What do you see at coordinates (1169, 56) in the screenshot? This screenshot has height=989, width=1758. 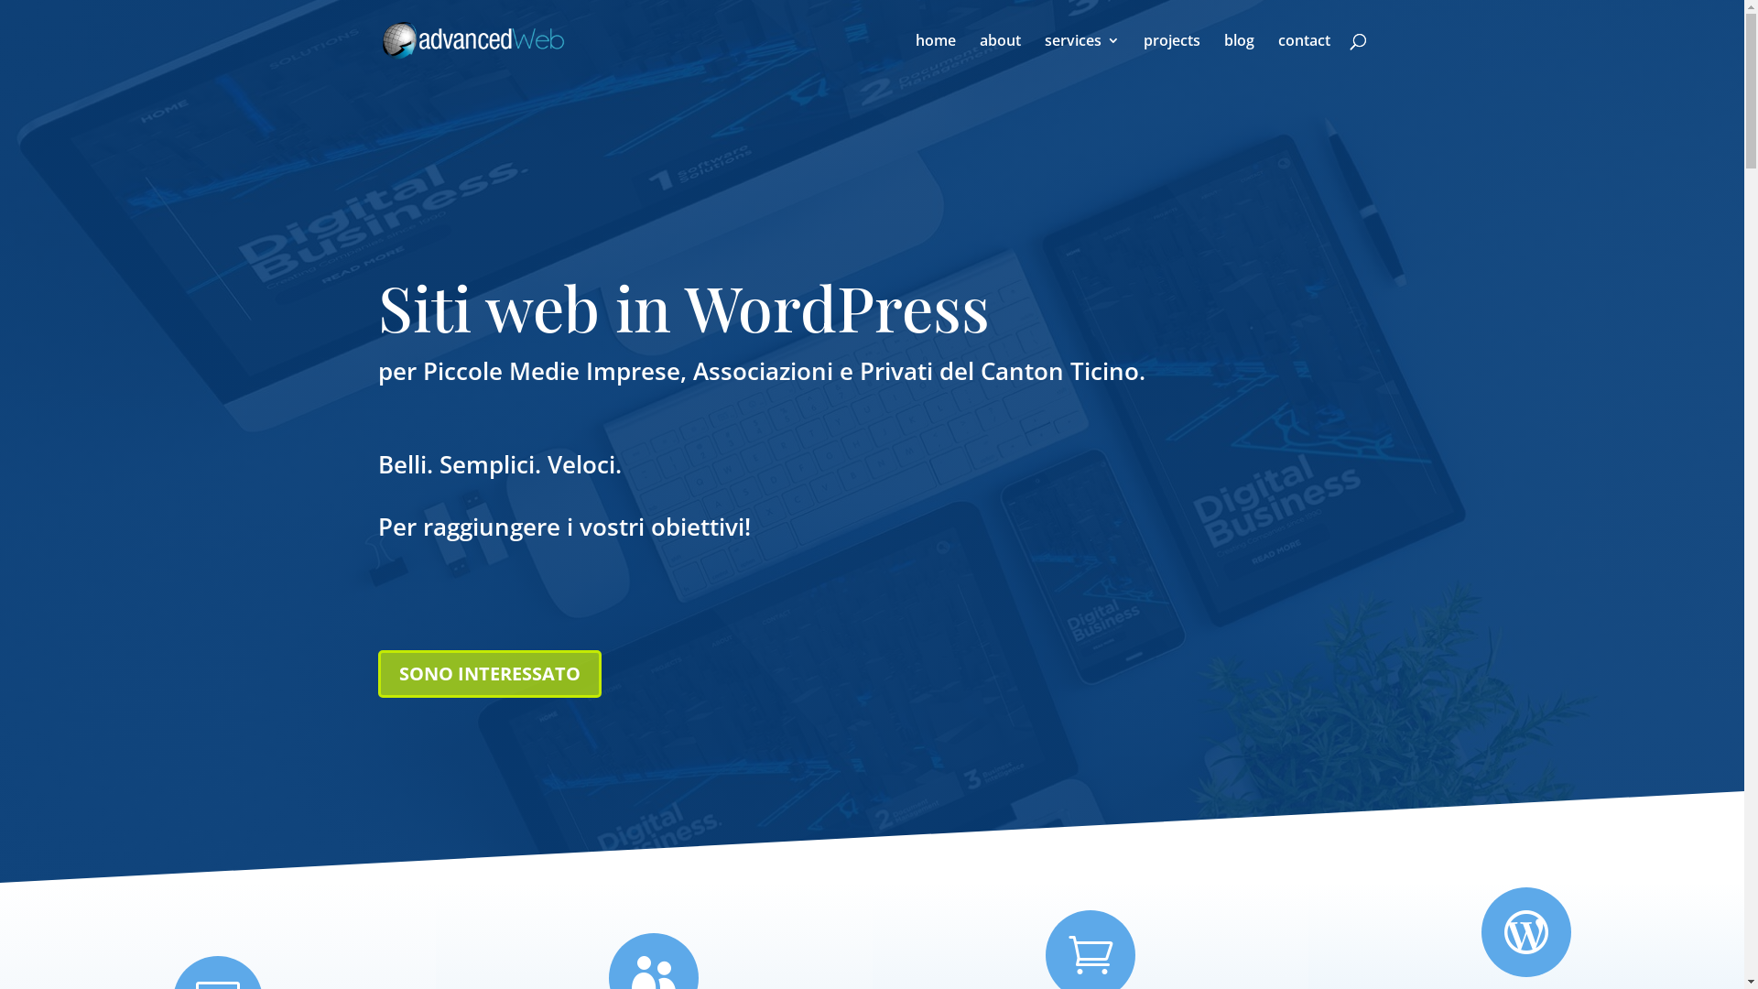 I see `'projects'` at bounding box center [1169, 56].